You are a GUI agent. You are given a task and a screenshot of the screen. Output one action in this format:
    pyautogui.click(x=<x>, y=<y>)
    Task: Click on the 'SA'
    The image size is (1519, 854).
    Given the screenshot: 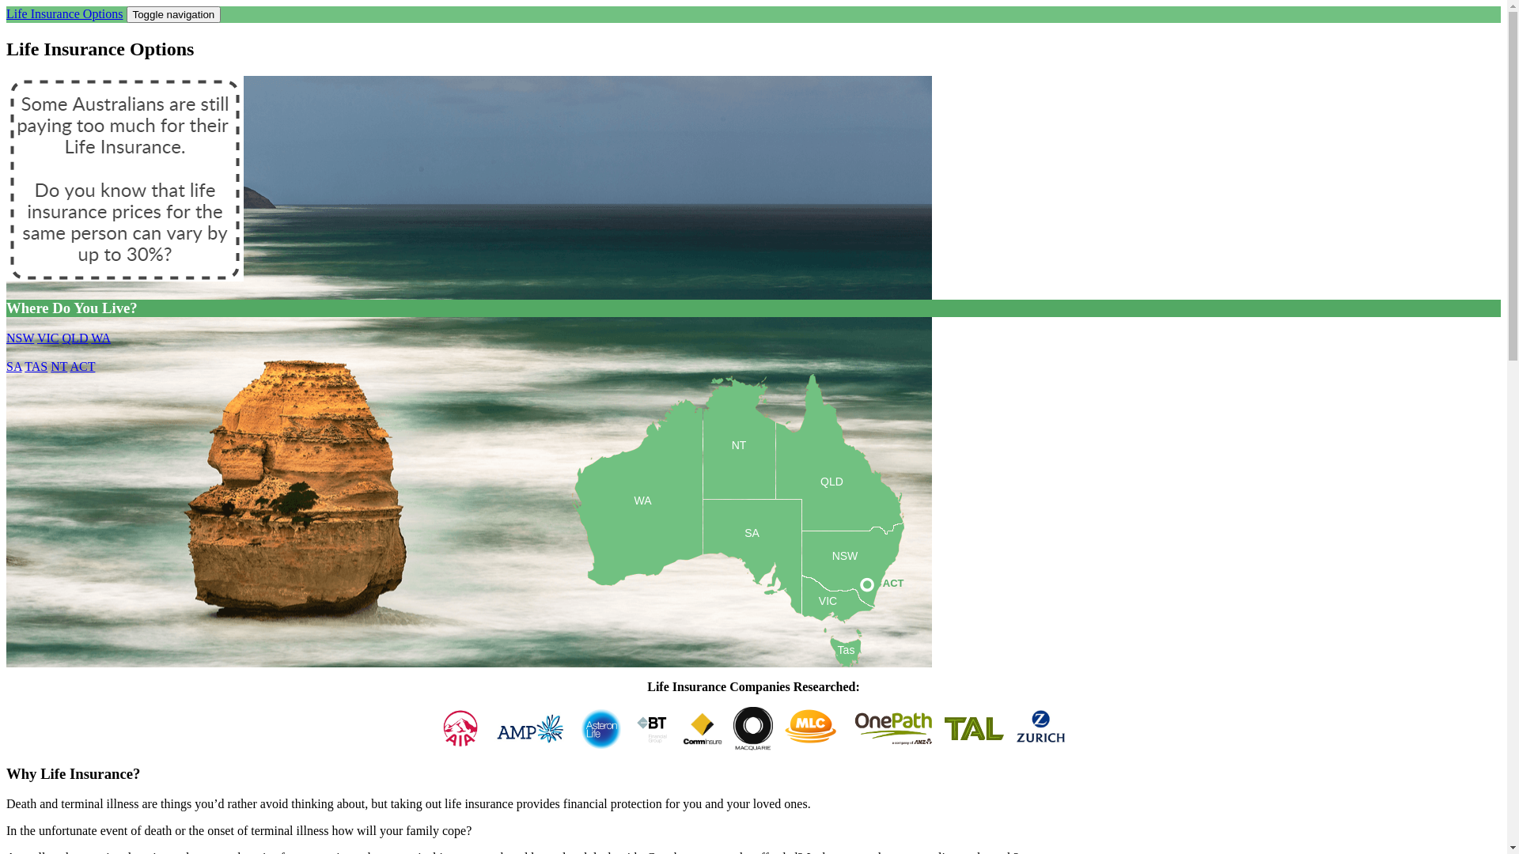 What is the action you would take?
    pyautogui.click(x=6, y=366)
    